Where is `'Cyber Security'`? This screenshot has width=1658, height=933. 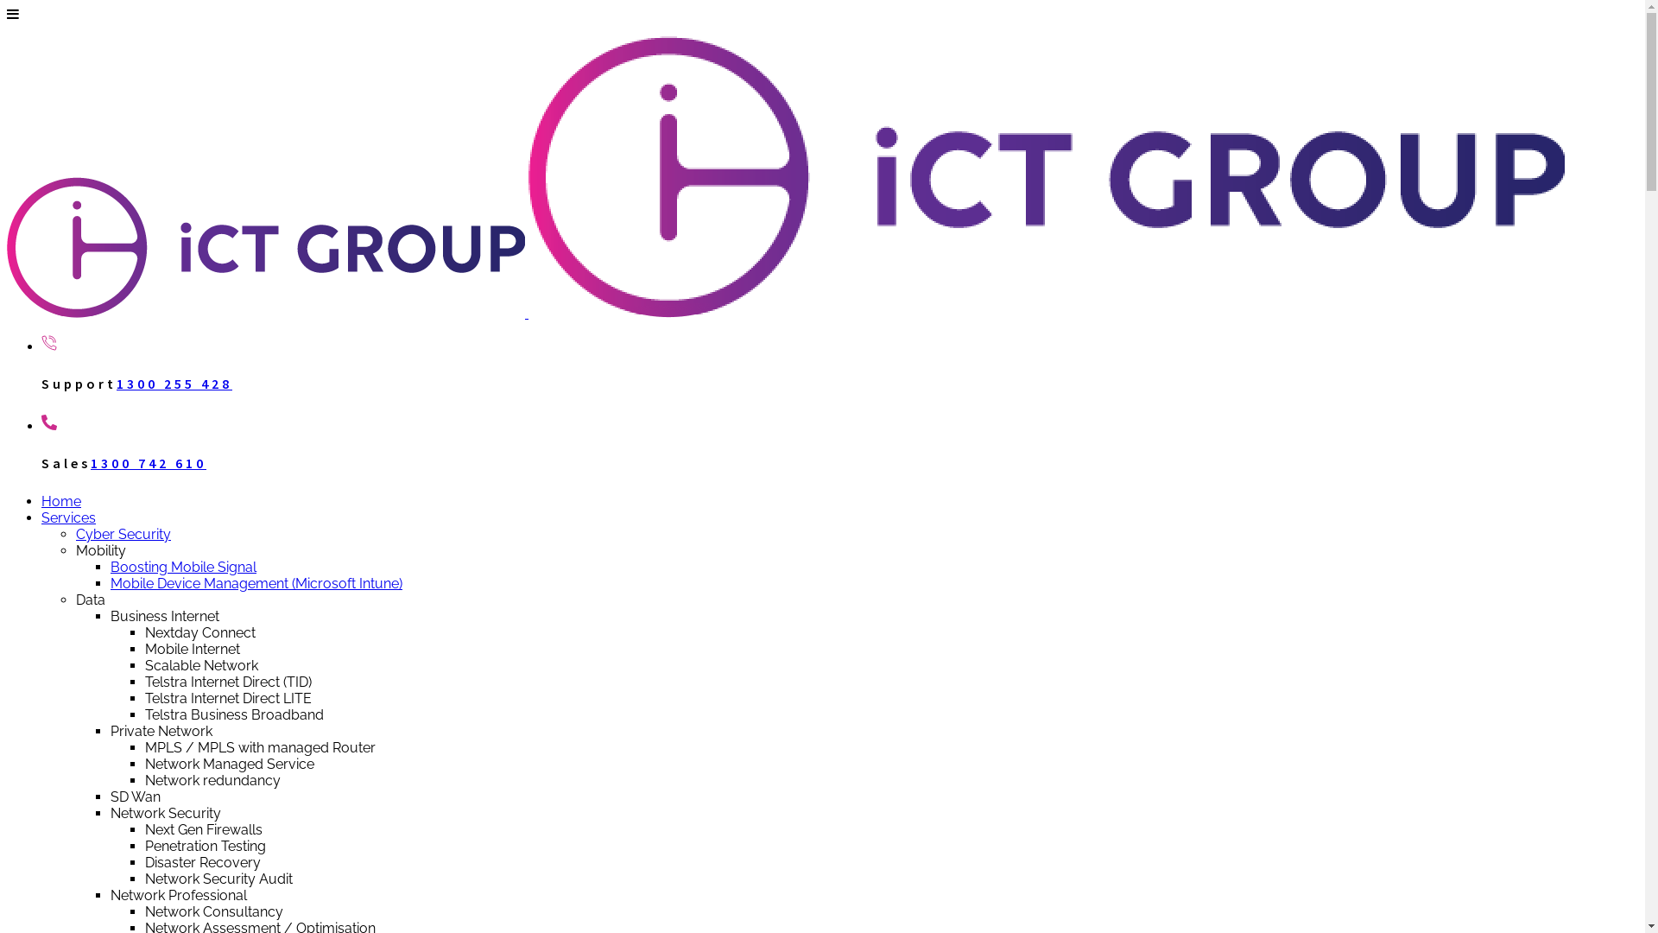
'Cyber Security' is located at coordinates (123, 533).